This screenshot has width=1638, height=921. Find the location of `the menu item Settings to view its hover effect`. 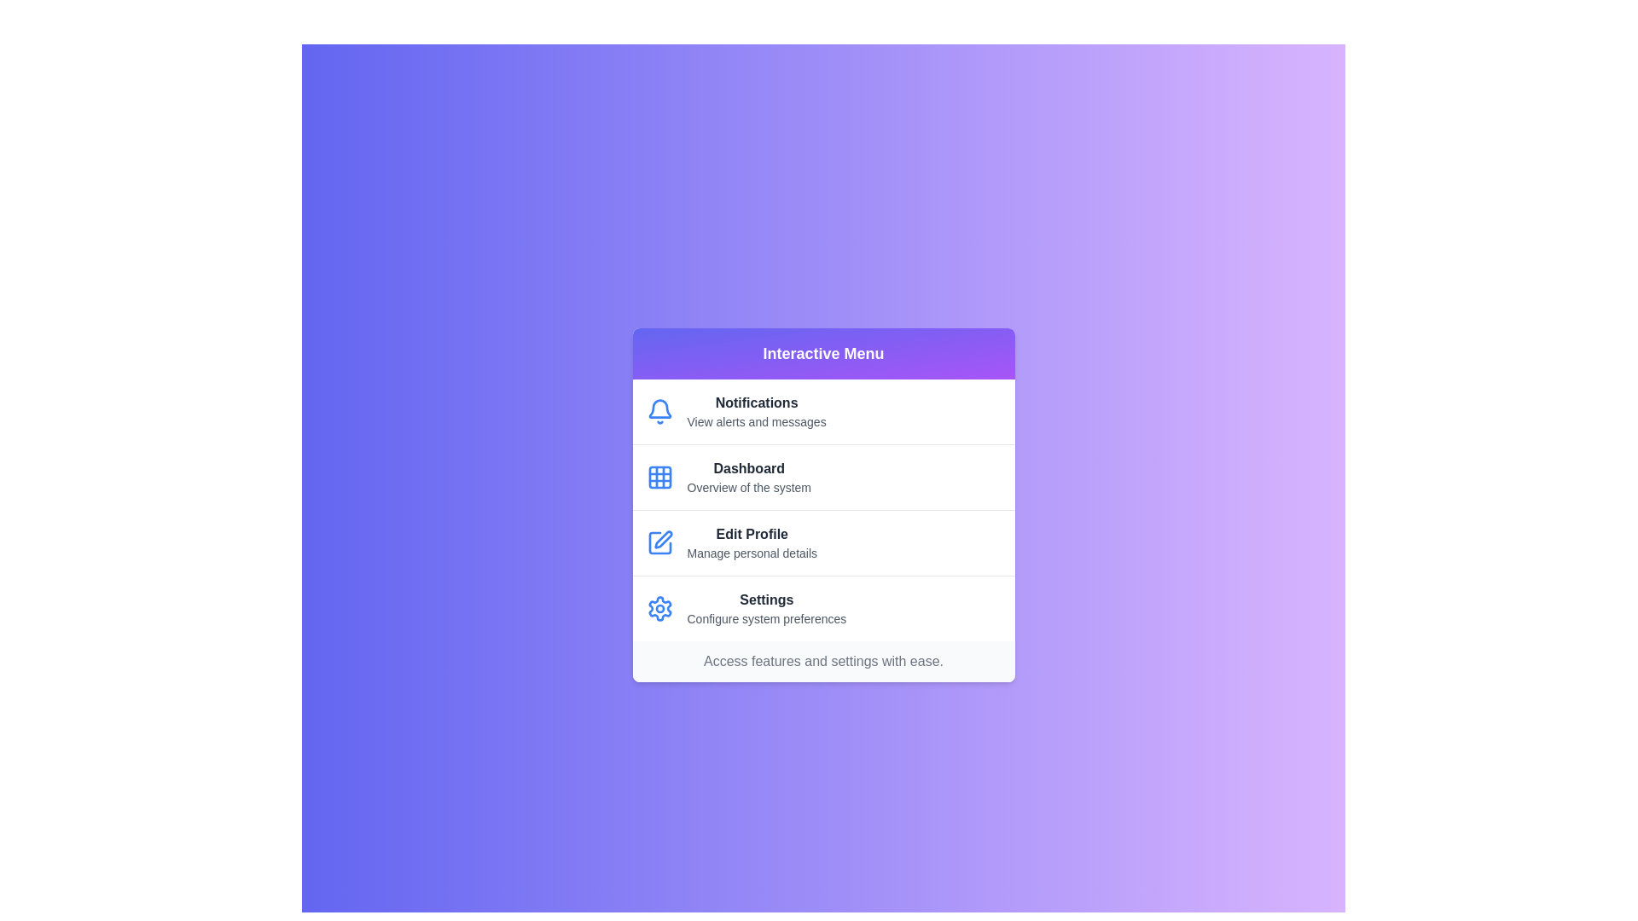

the menu item Settings to view its hover effect is located at coordinates (823, 607).